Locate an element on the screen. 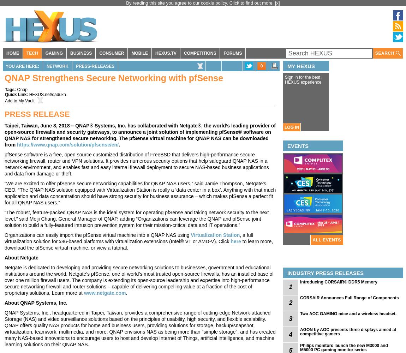  'pfSense software is a free, open source customized distribution of FreeBSD that delivers high-performance secure networking firewall, router and VPN solutions. It provides numerous security options that help safeguard QNAP NAS in a network environment, and enables fast and easy internal firewall deployment to secure NAS-based business applications and data from damage or theft.' is located at coordinates (136, 164).